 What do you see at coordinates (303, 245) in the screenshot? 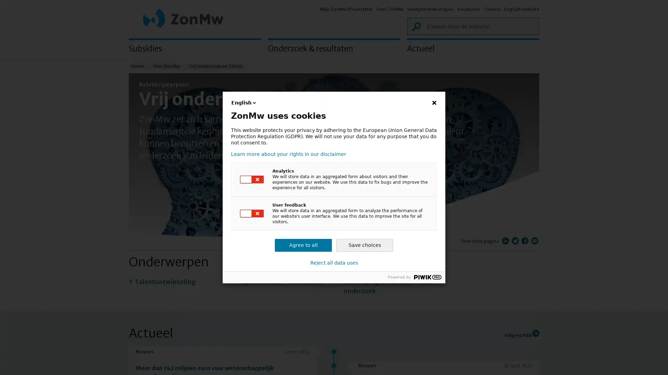
I see `Agree to all` at bounding box center [303, 245].